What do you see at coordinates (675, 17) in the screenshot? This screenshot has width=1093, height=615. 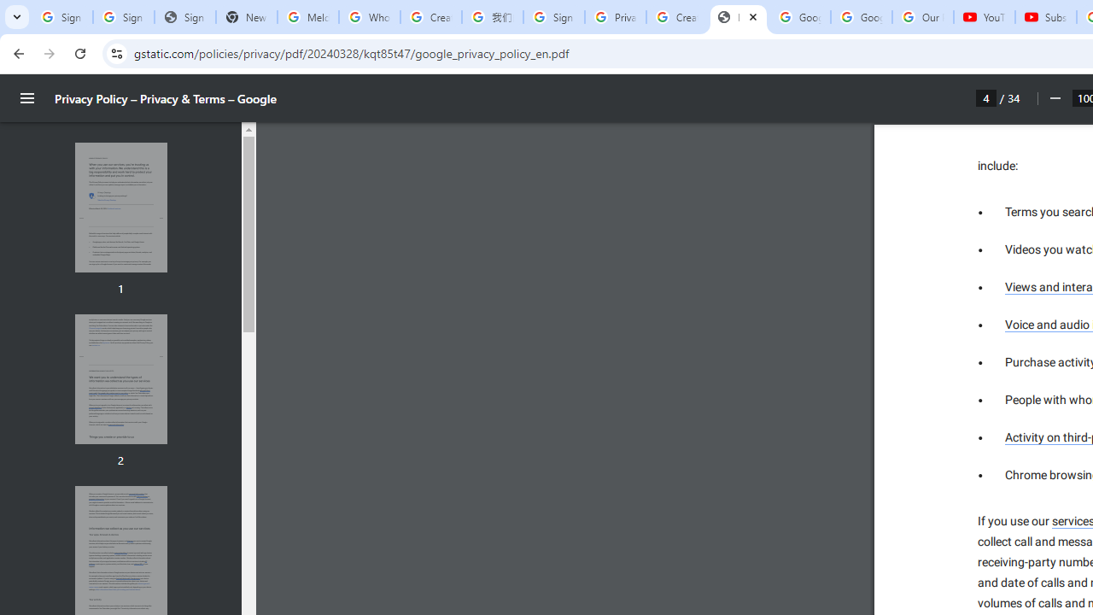 I see `'Create your Google Account'` at bounding box center [675, 17].